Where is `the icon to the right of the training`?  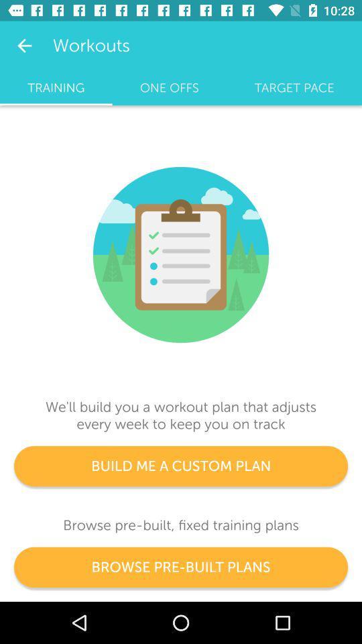
the icon to the right of the training is located at coordinates (169, 87).